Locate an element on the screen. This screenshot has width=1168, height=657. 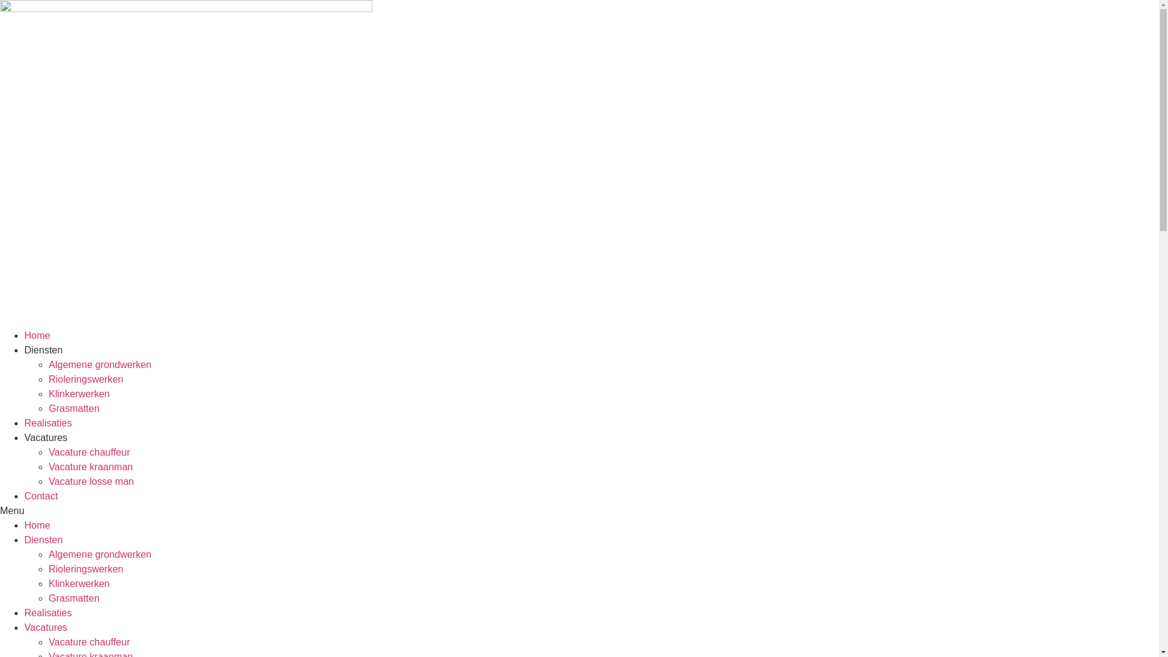
'Vacatures' is located at coordinates (24, 437).